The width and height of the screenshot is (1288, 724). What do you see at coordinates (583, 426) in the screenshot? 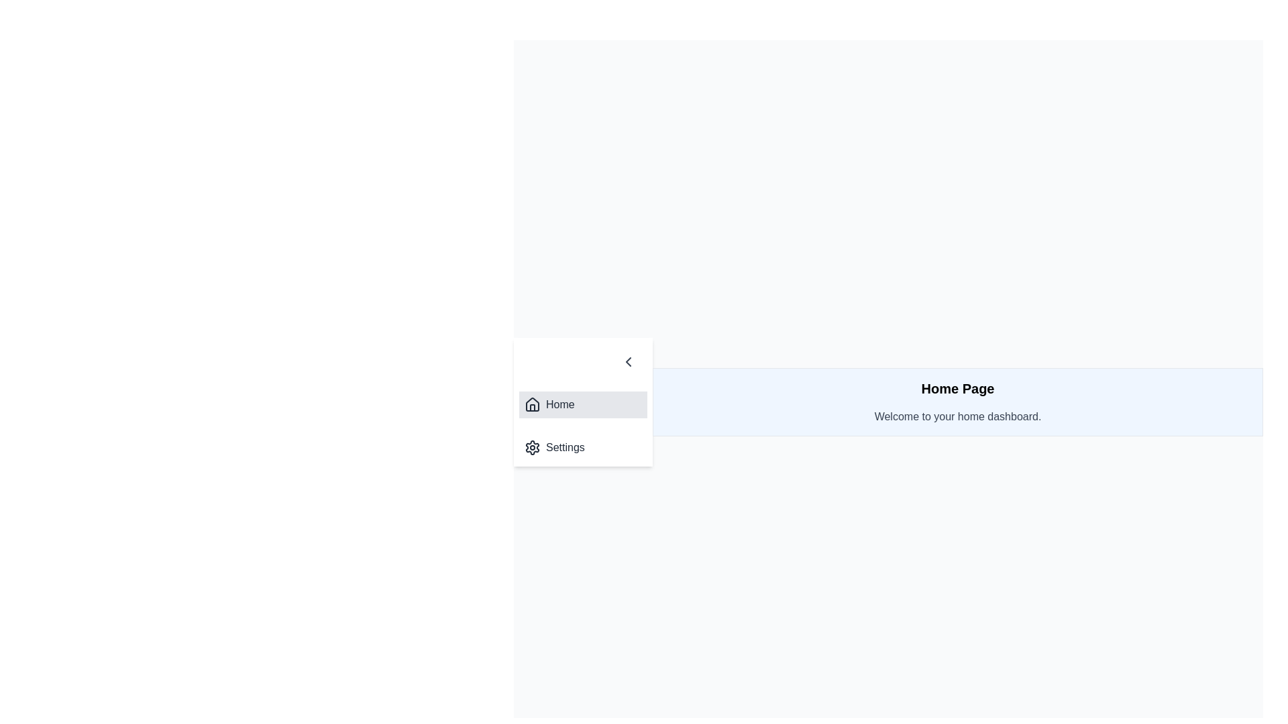
I see `the 'Navigation menu' located on the left sidebar` at bounding box center [583, 426].